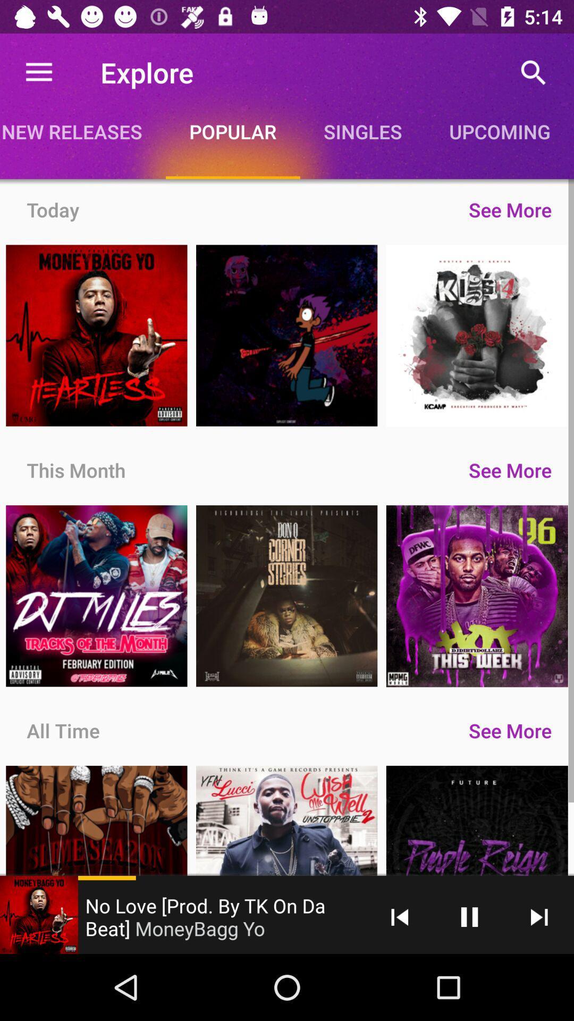 The width and height of the screenshot is (574, 1021). Describe the element at coordinates (232, 131) in the screenshot. I see `the item to the left of the singles icon` at that location.